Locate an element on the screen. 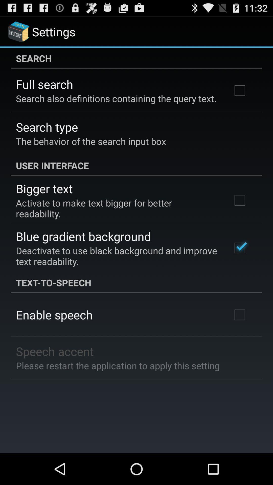 The image size is (273, 485). speech accent at the bottom left corner is located at coordinates (55, 351).